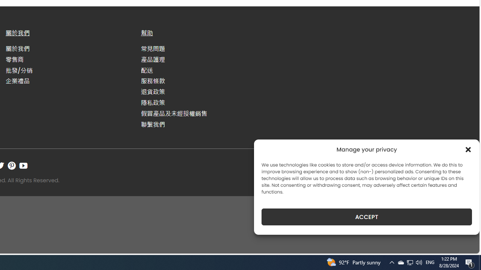  I want to click on 'Follow on YouTube', so click(23, 165).